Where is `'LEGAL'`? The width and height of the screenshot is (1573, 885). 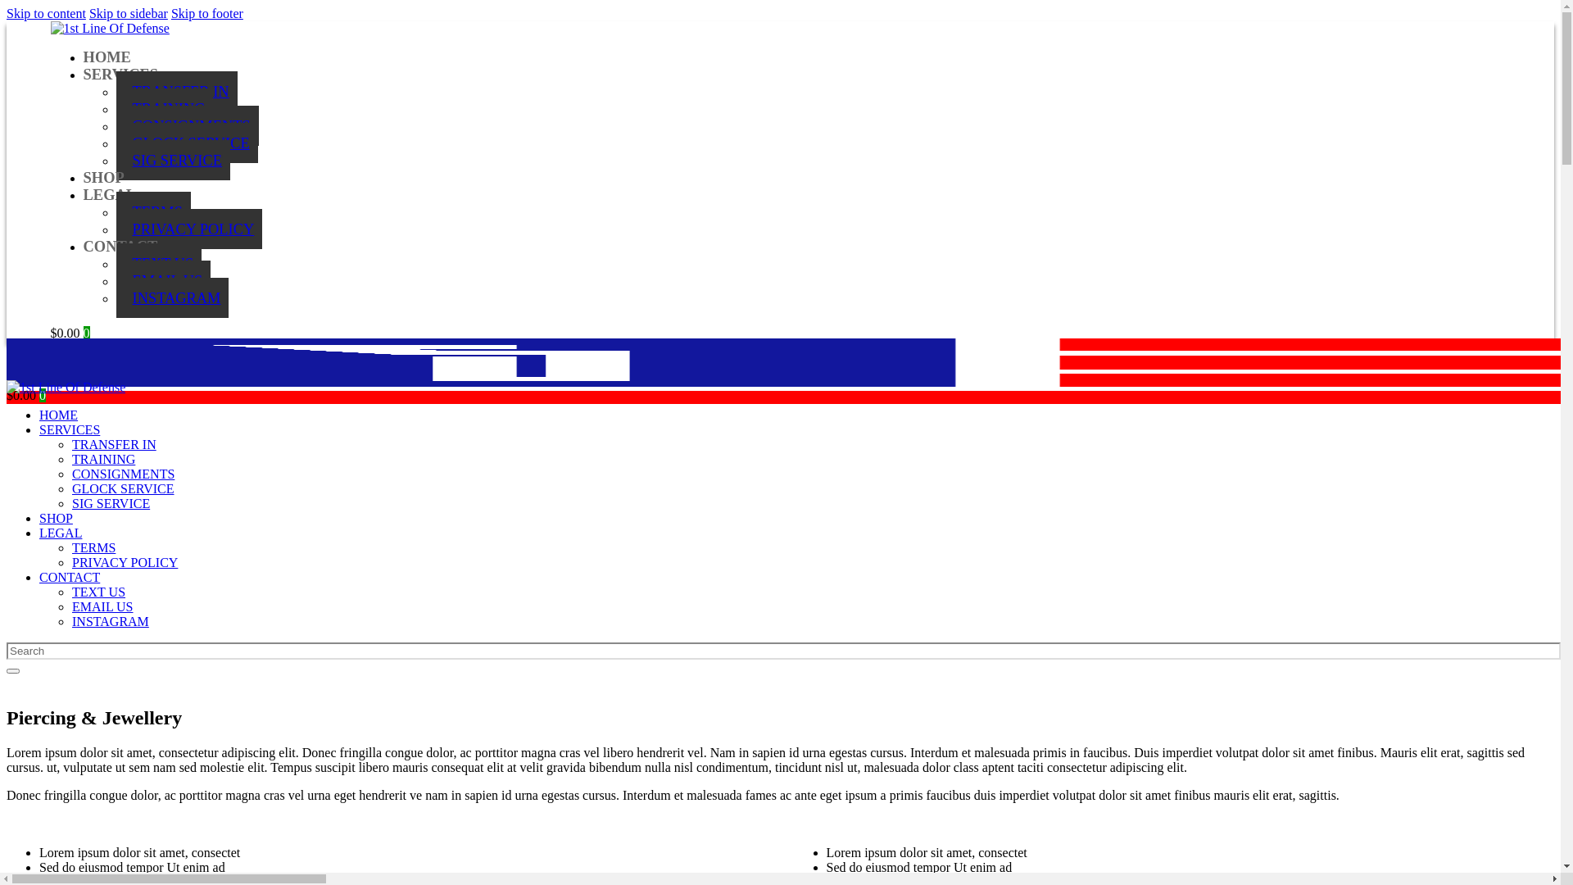
'LEGAL' is located at coordinates (109, 194).